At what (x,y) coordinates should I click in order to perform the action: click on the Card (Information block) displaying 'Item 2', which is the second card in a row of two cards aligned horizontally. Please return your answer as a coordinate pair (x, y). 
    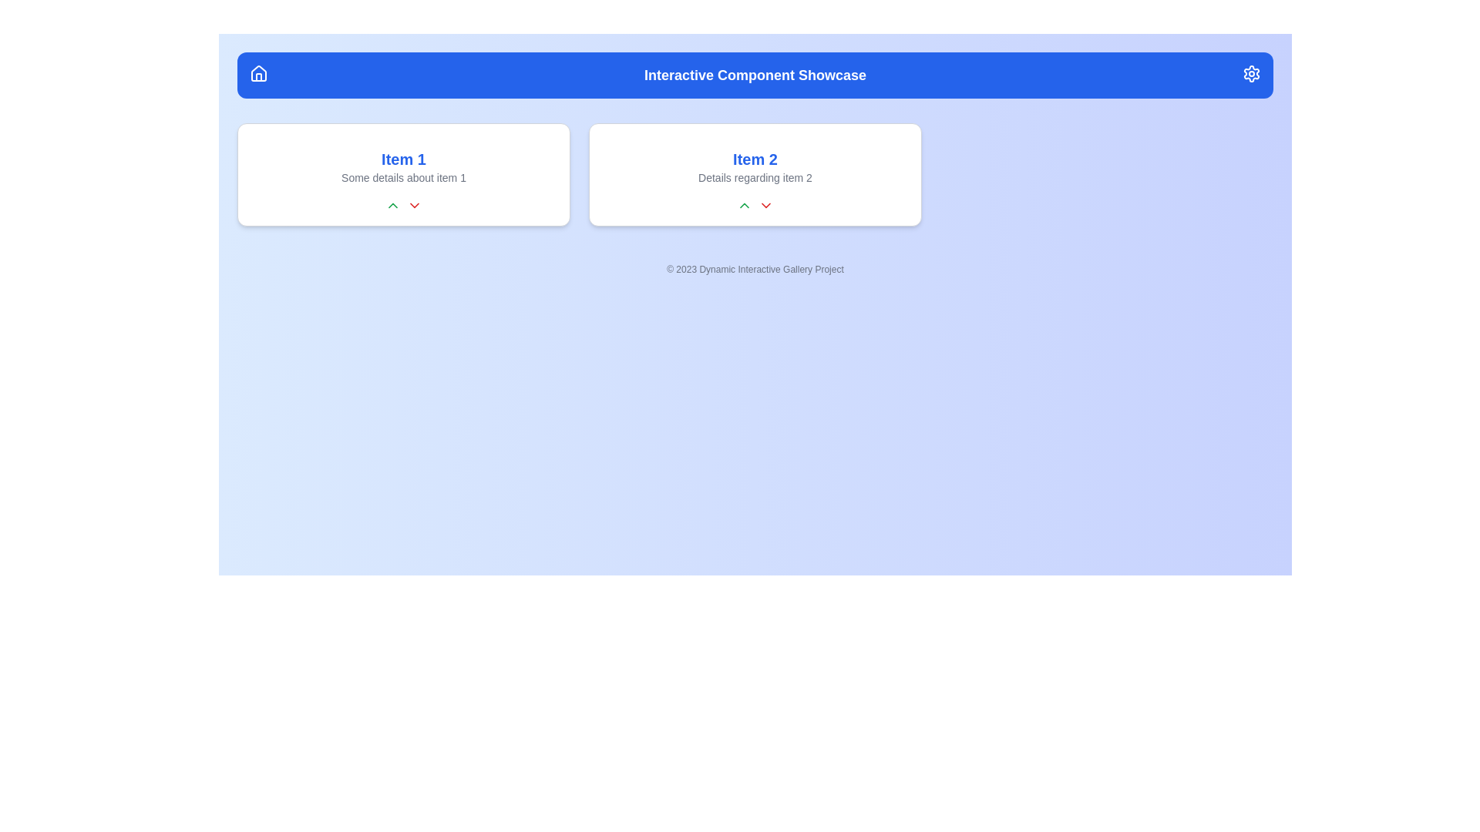
    Looking at the image, I should click on (755, 174).